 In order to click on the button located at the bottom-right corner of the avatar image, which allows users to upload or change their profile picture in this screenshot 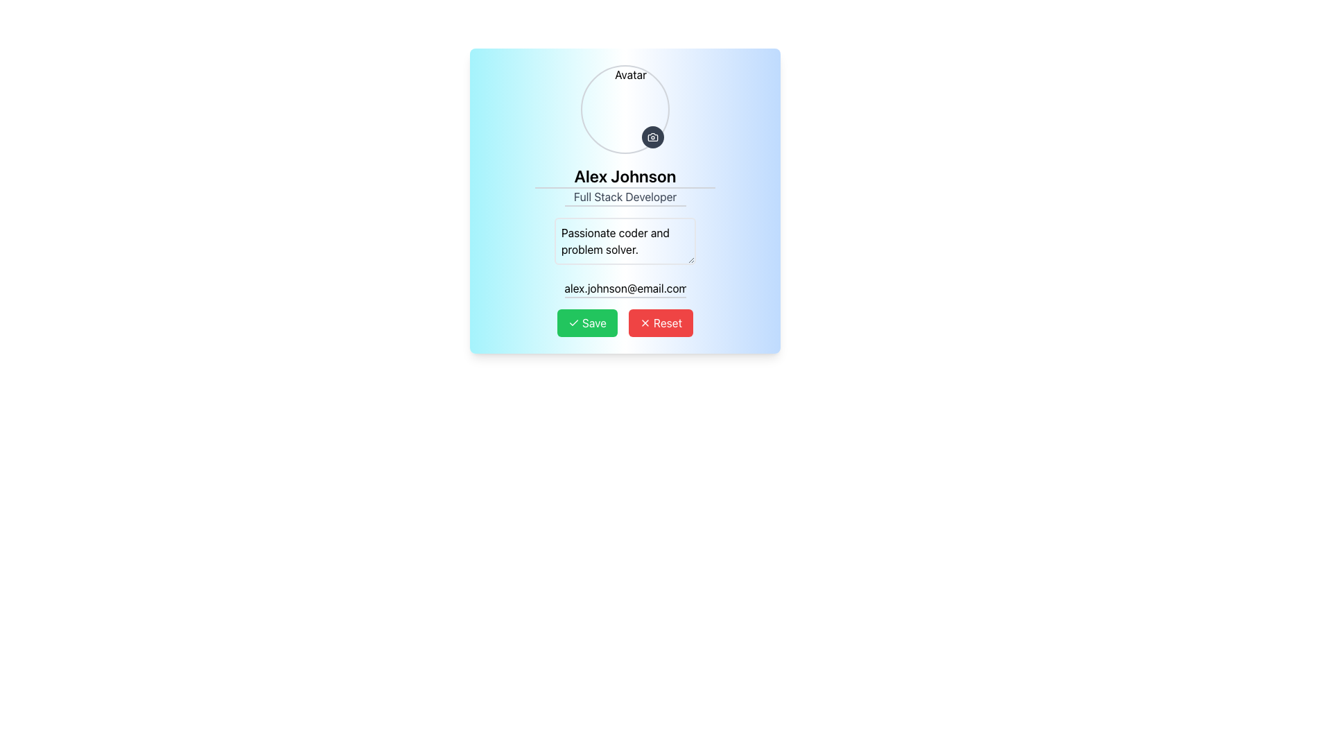, I will do `click(652, 137)`.